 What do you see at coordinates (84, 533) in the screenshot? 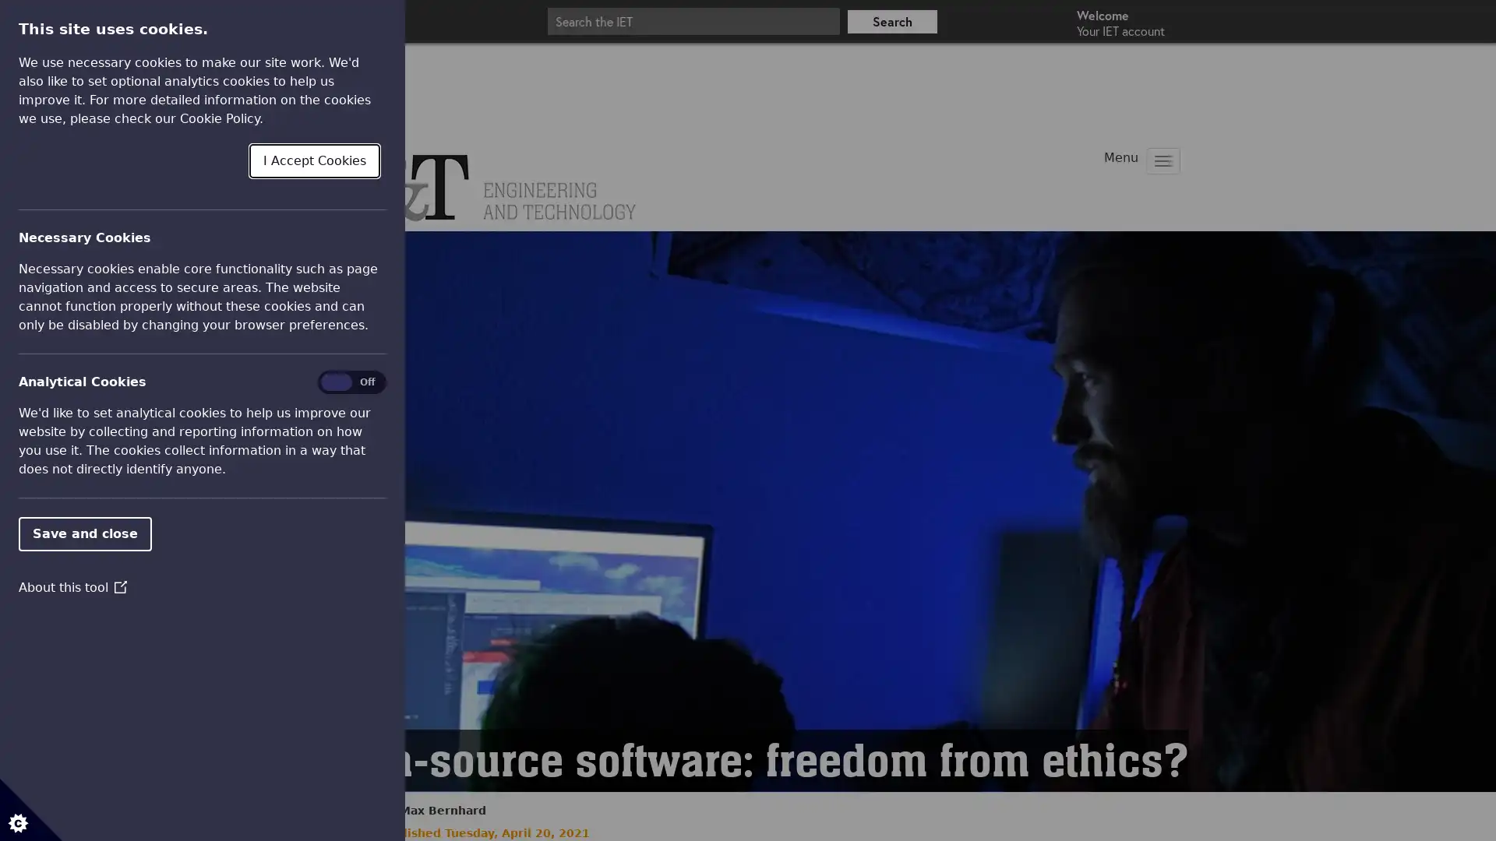
I see `Save and close` at bounding box center [84, 533].